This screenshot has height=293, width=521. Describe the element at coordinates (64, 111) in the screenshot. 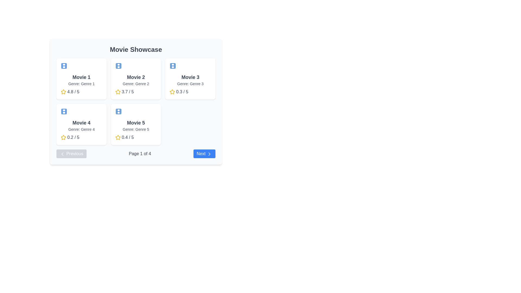

I see `the film icon located at the top-left corner of the card labeled 'Movie 4 Genre: Genre 4' in the second row of the grid layout` at that location.